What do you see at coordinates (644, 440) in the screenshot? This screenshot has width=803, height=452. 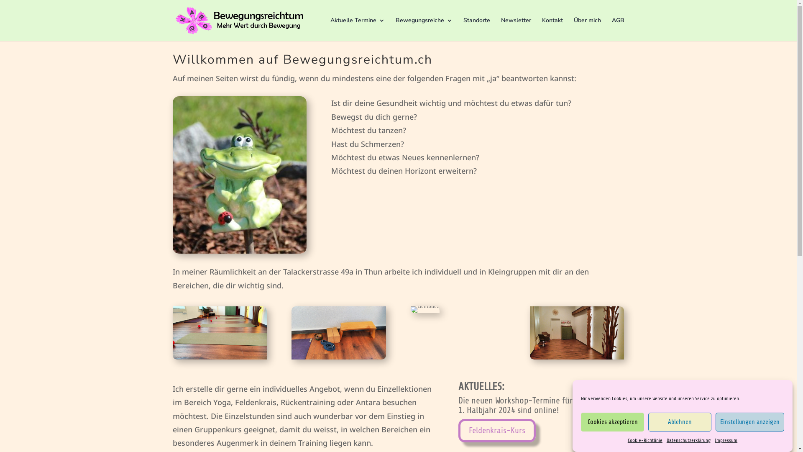 I see `'Cookie-Richtlinie'` at bounding box center [644, 440].